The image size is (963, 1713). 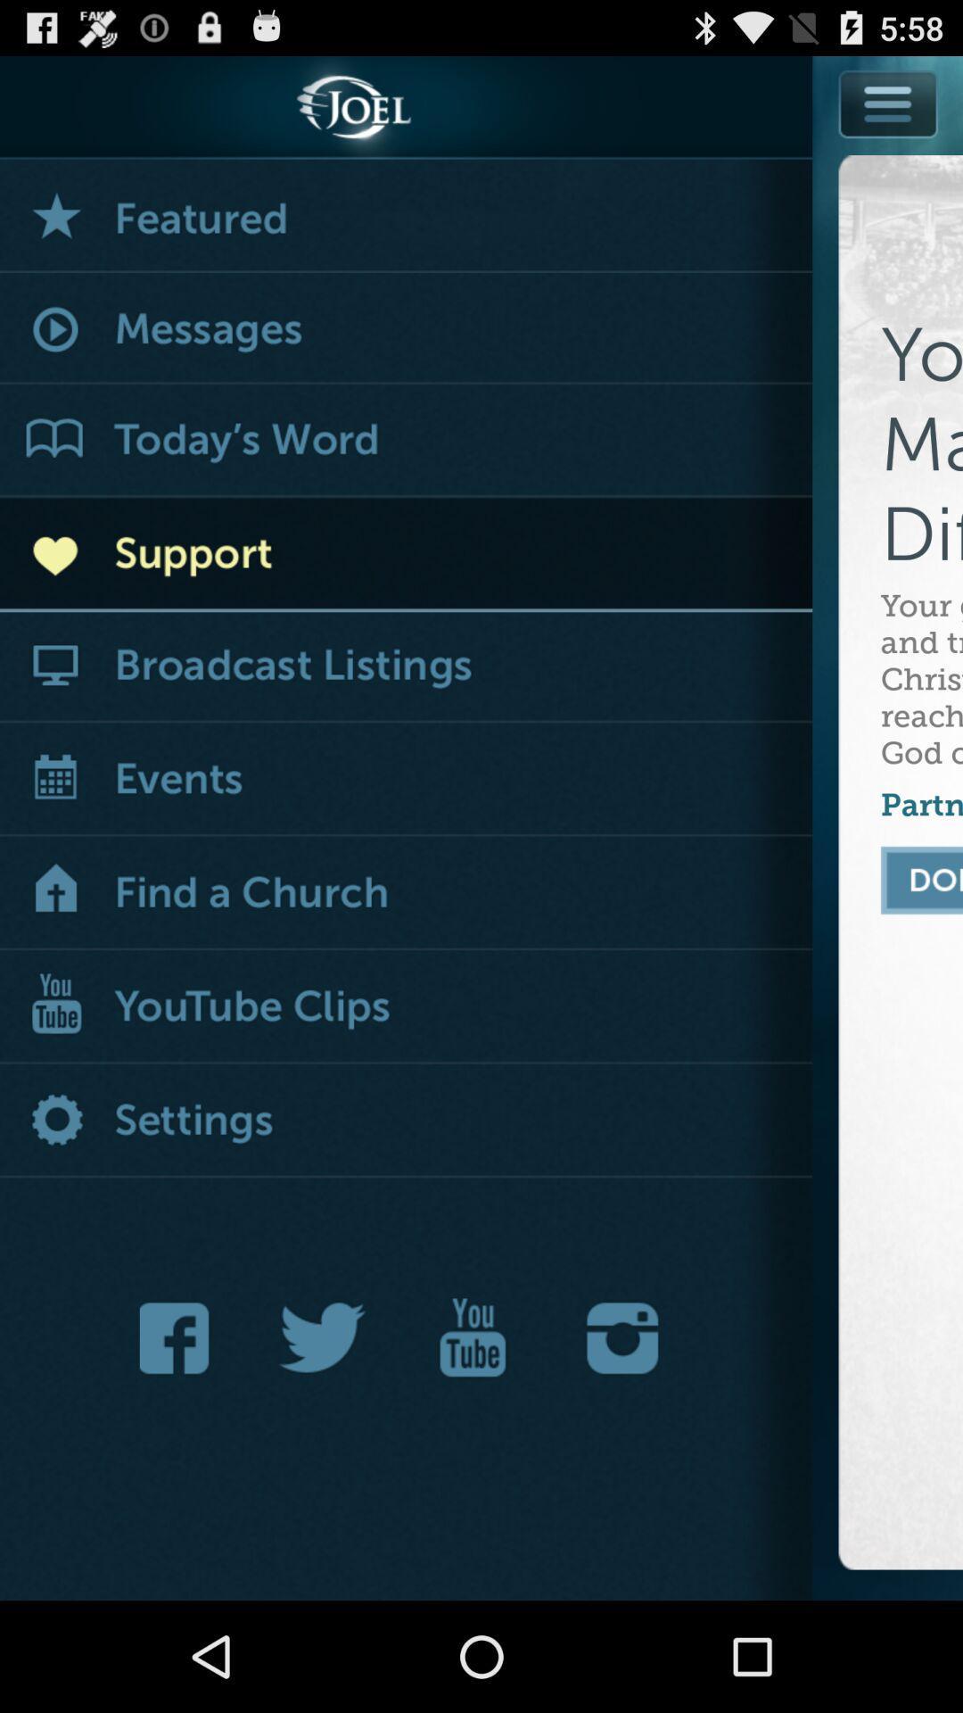 I want to click on find a church, so click(x=406, y=894).